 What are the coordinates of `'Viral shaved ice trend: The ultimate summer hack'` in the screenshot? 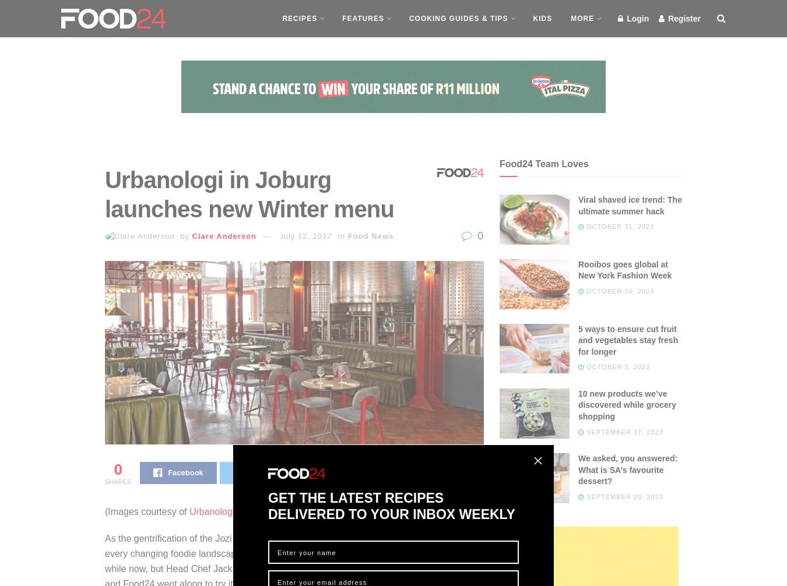 It's located at (630, 204).